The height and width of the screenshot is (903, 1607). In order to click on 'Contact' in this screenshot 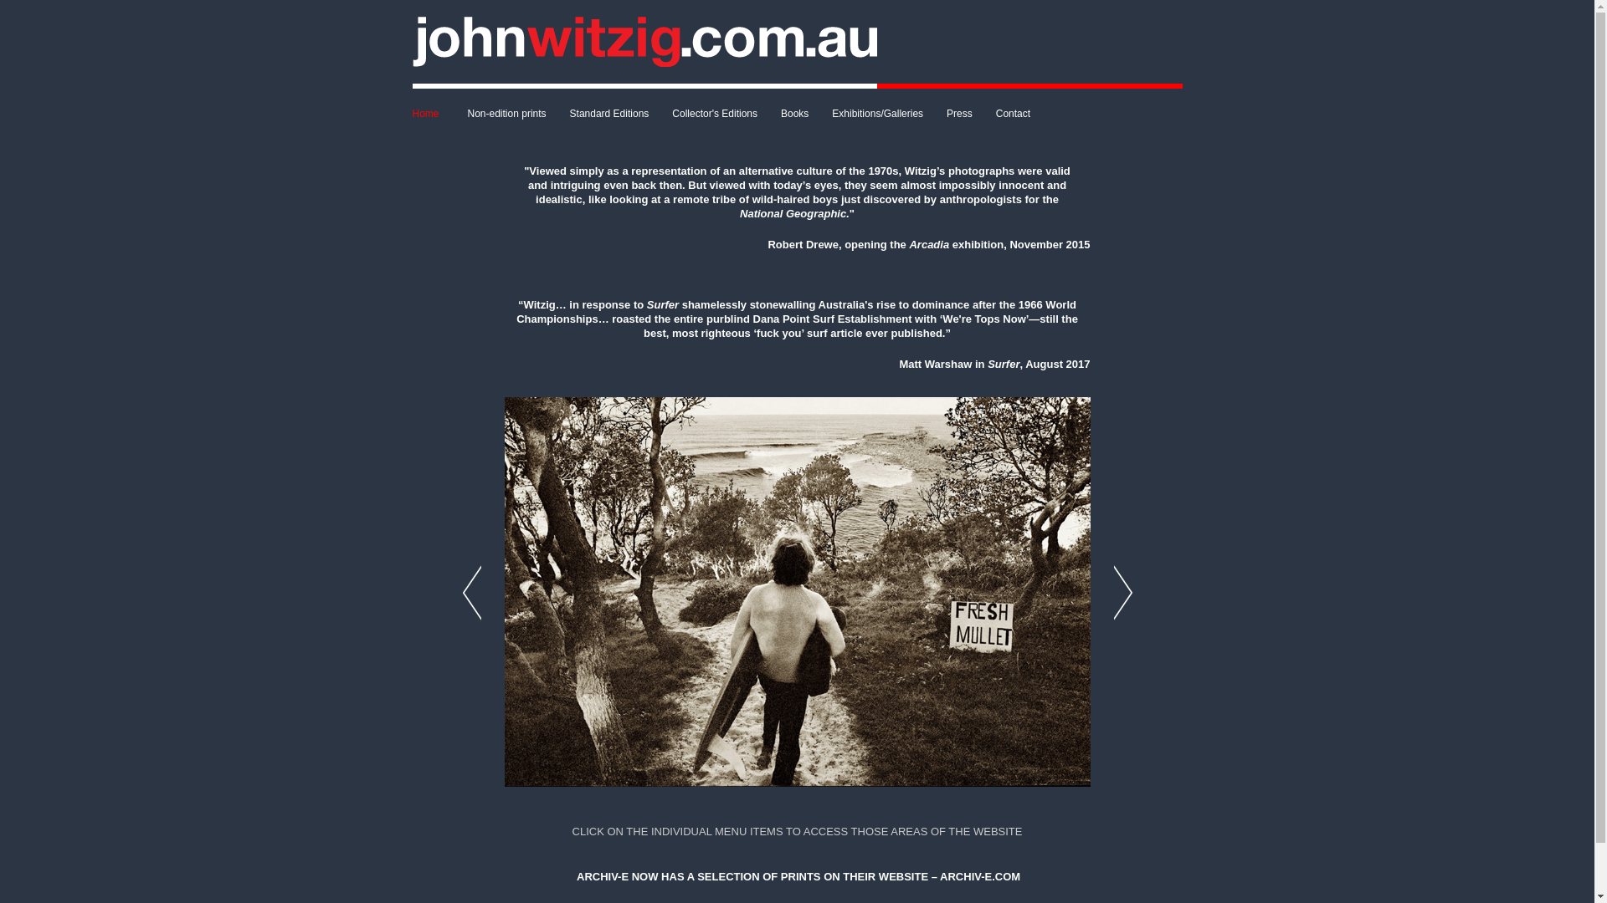, I will do `click(1012, 113)`.